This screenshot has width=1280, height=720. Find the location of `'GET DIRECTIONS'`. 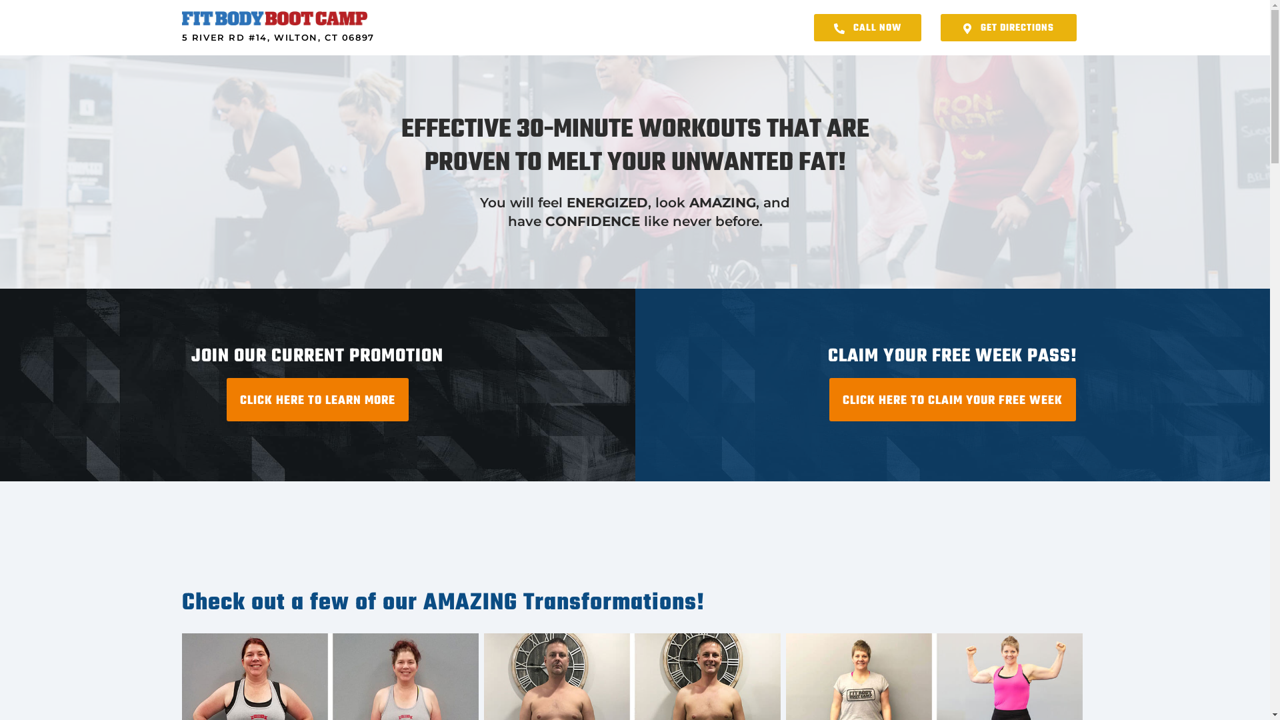

'GET DIRECTIONS' is located at coordinates (1008, 27).